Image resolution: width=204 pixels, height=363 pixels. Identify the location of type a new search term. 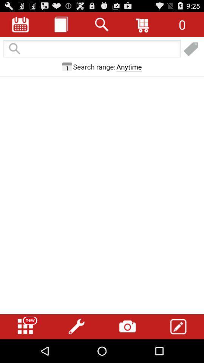
(92, 49).